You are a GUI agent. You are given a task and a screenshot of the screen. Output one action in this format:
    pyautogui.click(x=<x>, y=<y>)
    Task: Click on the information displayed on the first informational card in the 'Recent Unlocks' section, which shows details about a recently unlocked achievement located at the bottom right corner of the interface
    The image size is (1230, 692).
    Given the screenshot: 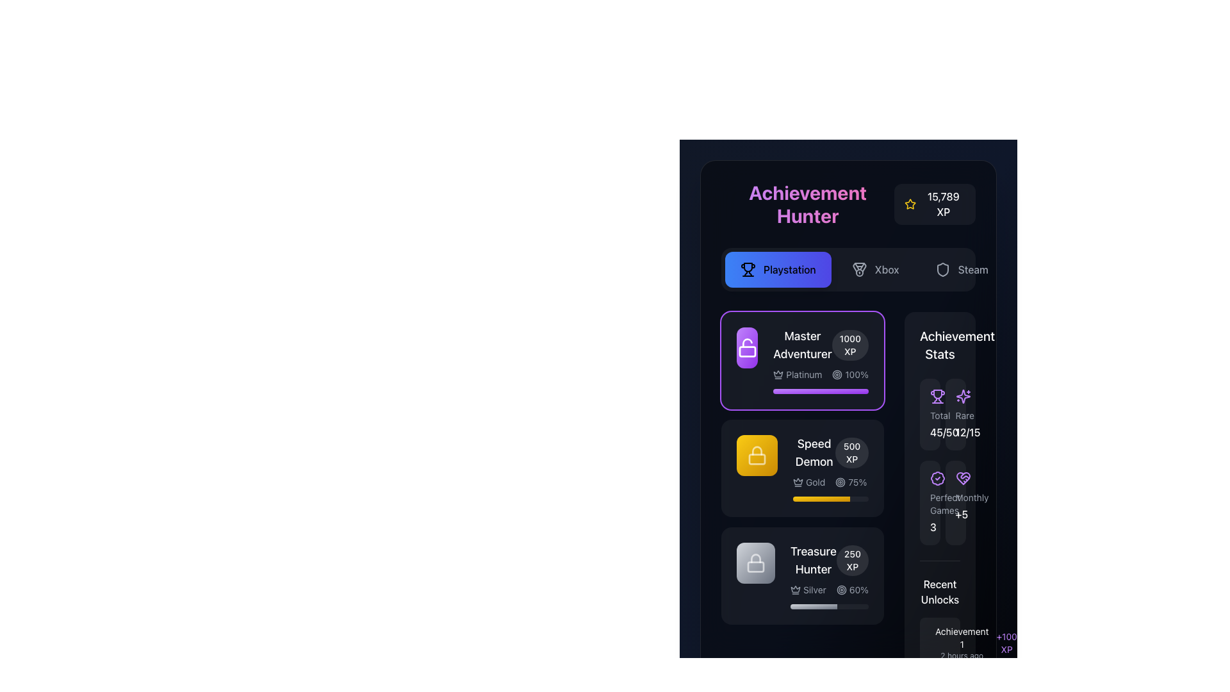 What is the action you would take?
    pyautogui.click(x=940, y=643)
    